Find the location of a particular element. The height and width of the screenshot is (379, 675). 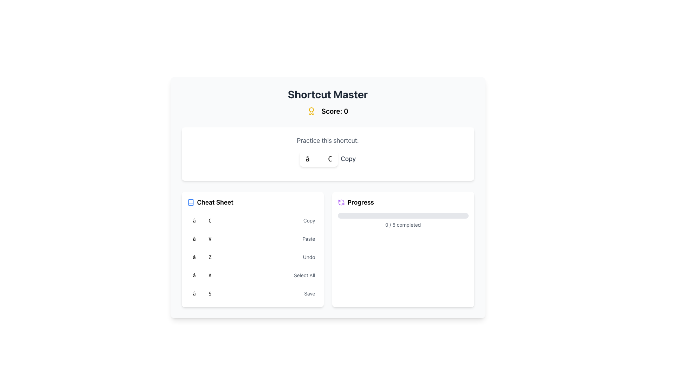

the 'Copy' text label located to the right of the shortcut indicator '⌘ C' in the 'Cheat Sheet' section is located at coordinates (309, 220).